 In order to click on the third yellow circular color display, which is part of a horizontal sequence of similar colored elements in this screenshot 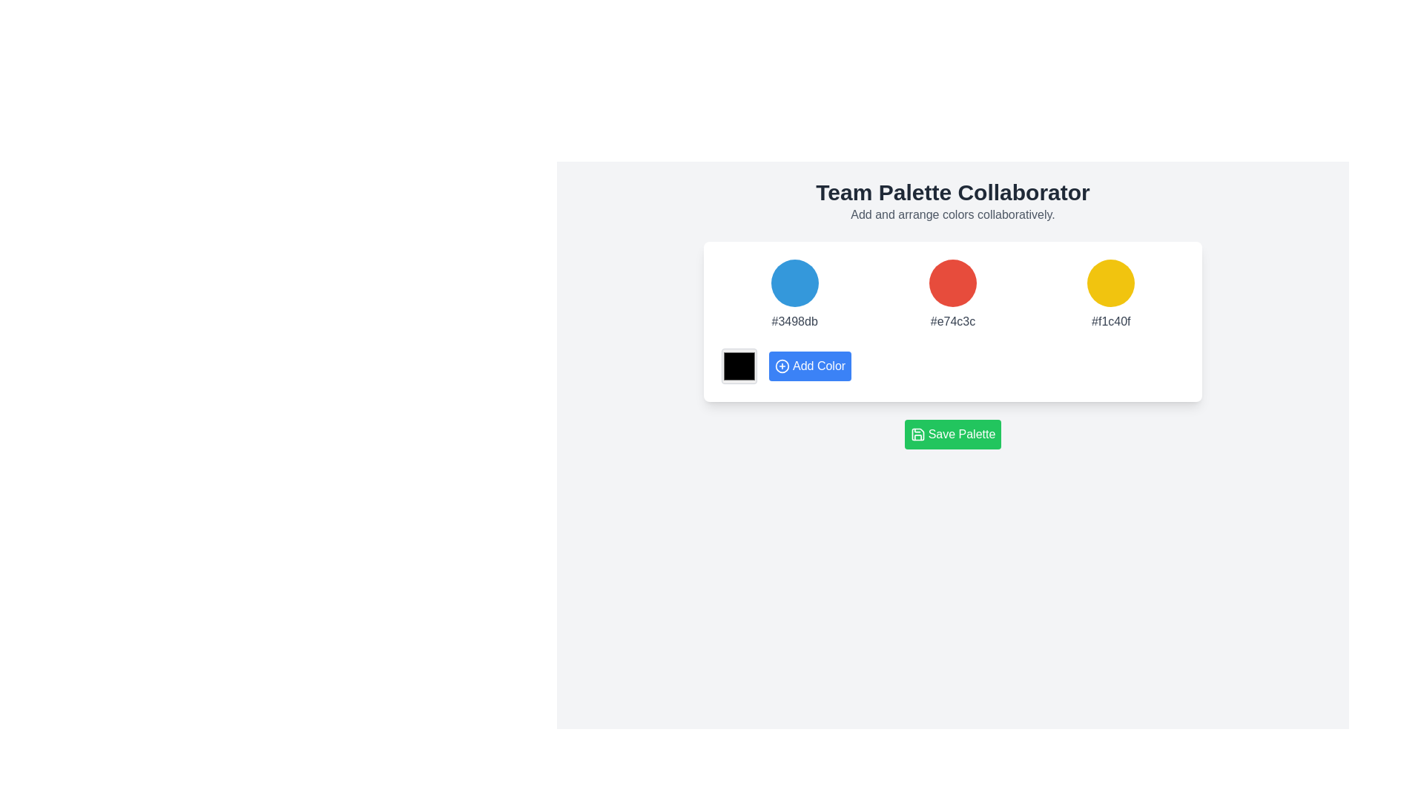, I will do `click(1111, 283)`.